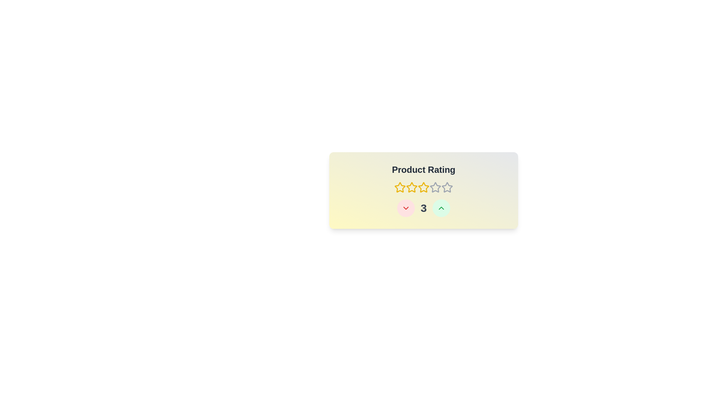 Image resolution: width=708 pixels, height=398 pixels. I want to click on the text label displaying the numerical value '3' which is styled with a large font size and bold appearance, located centrally within a product rating component card, so click(423, 208).